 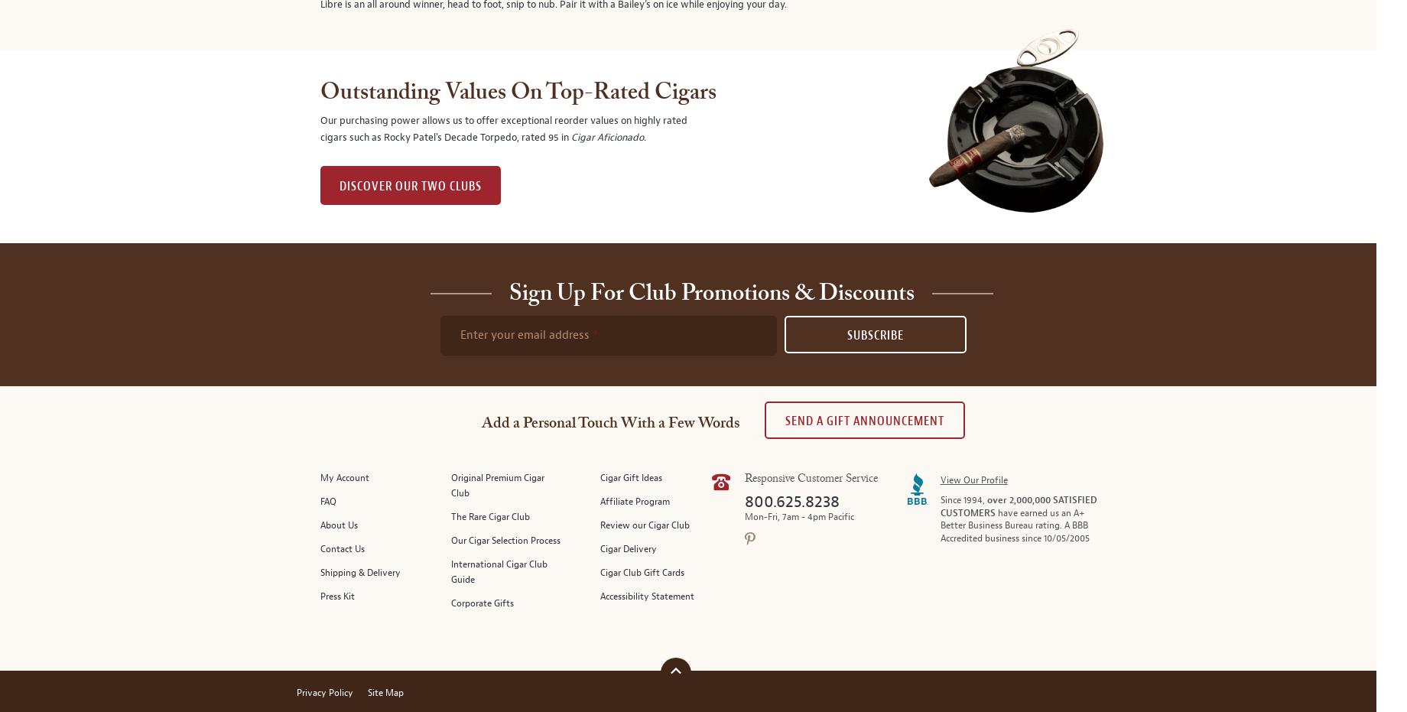 I want to click on 'FAQ', so click(x=327, y=502).